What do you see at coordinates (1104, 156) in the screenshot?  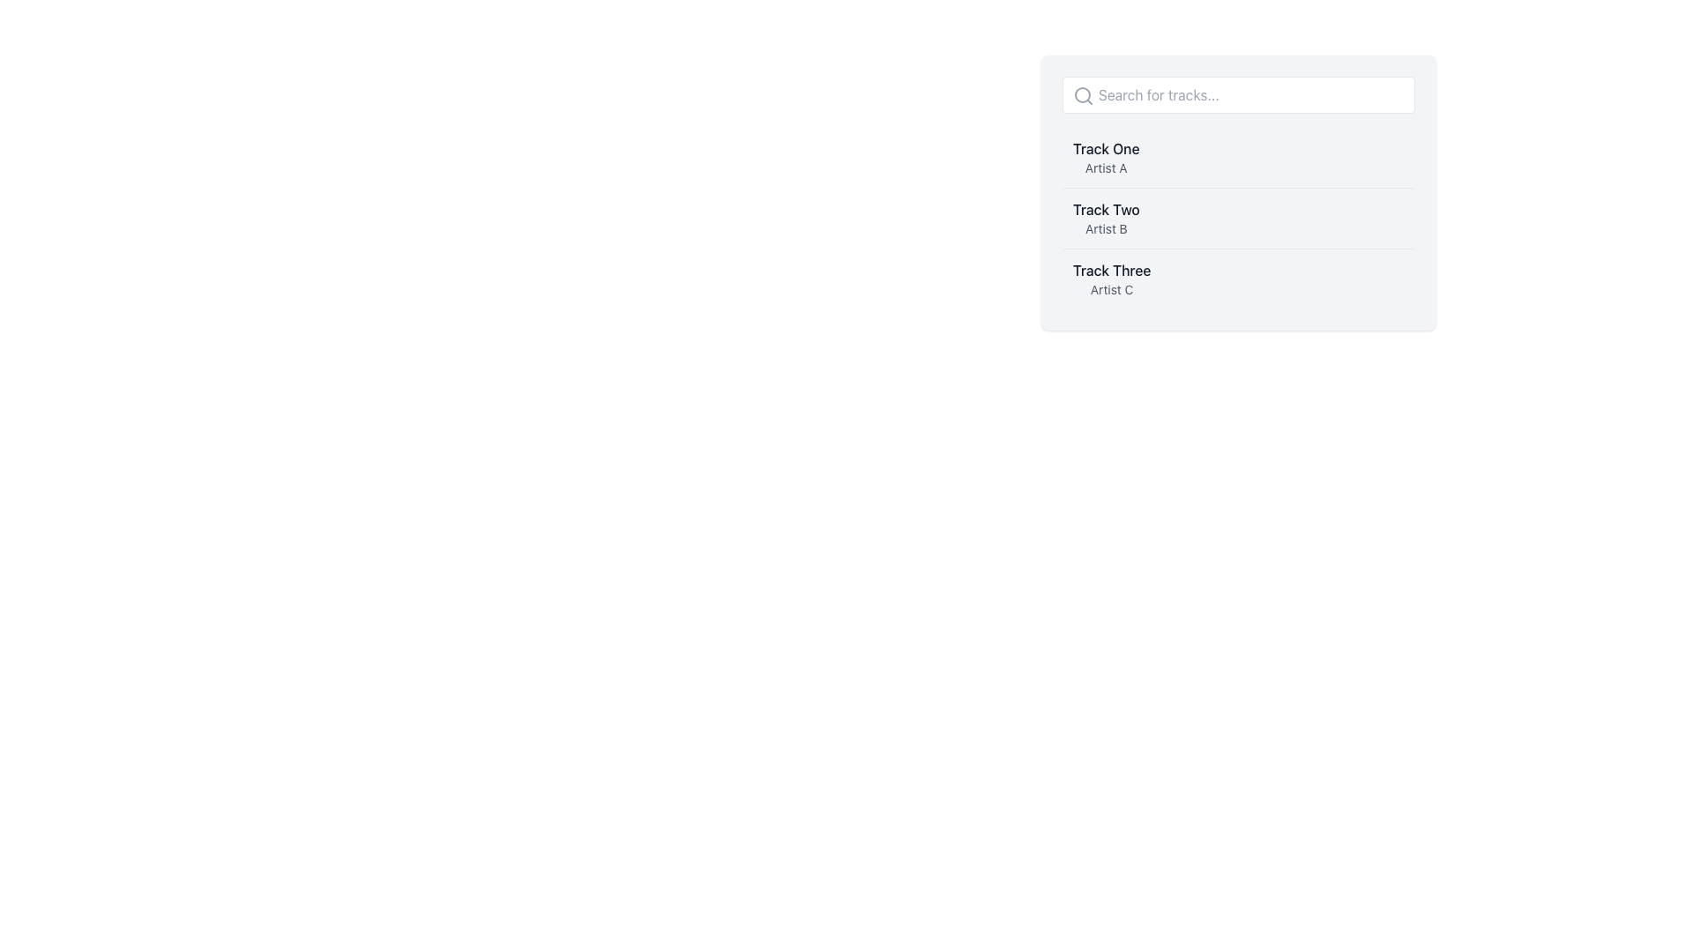 I see `the first item` at bounding box center [1104, 156].